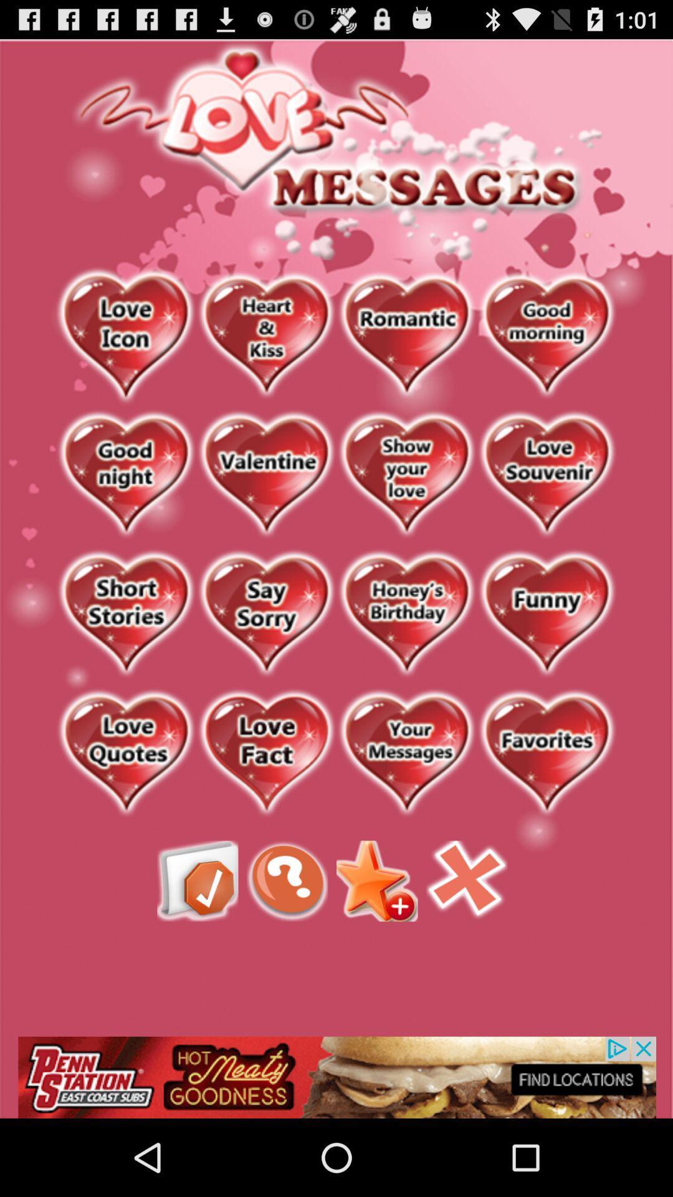 The height and width of the screenshot is (1197, 673). I want to click on sends a valentine message, so click(265, 474).